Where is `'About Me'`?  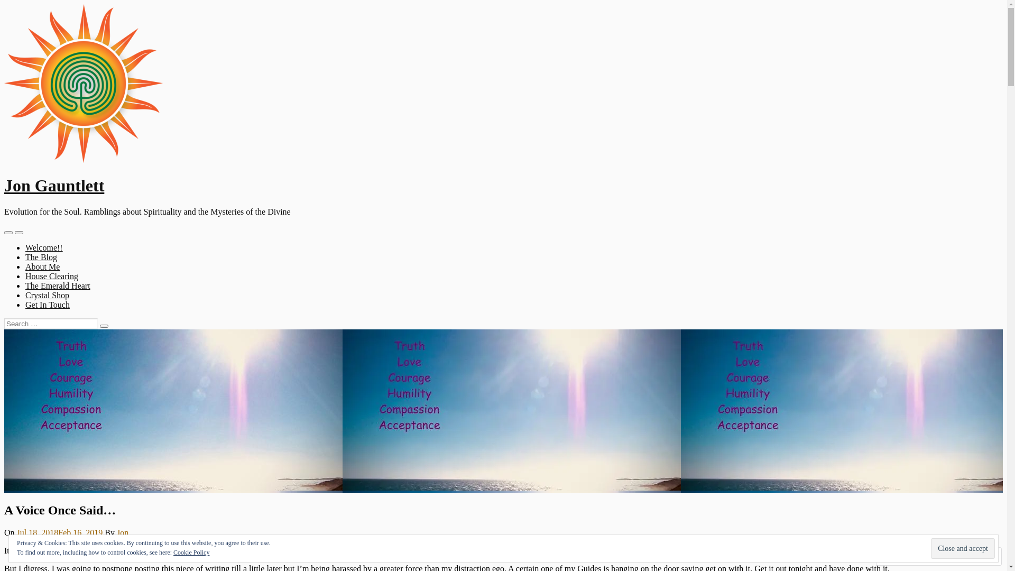
'About Me' is located at coordinates (25, 266).